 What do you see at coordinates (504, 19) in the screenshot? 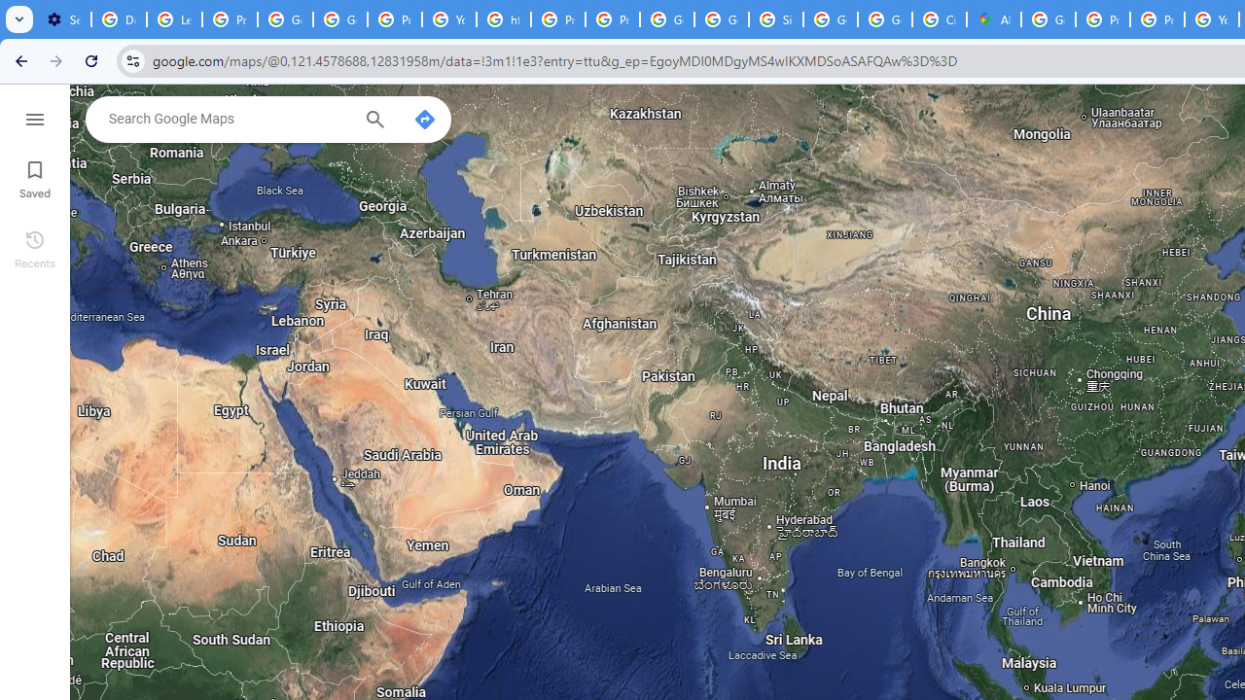
I see `'https://scholar.google.com/'` at bounding box center [504, 19].